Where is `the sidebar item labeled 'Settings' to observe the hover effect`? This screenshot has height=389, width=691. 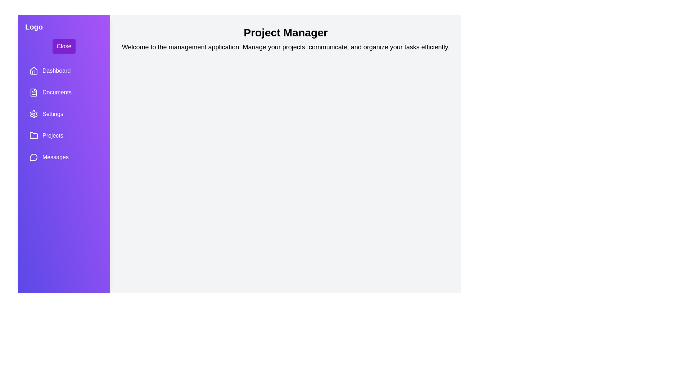
the sidebar item labeled 'Settings' to observe the hover effect is located at coordinates (64, 113).